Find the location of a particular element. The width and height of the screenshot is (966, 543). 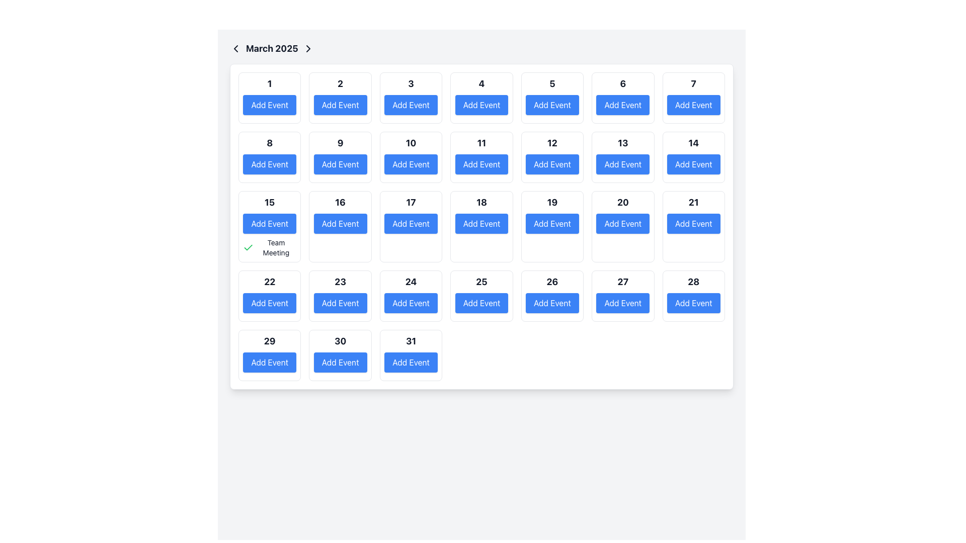

the 'Add Event' button in the composite element with a bold number '16' at the top to change its appearance is located at coordinates (340, 227).